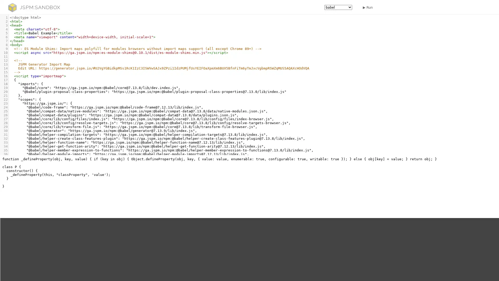  Describe the element at coordinates (366, 7) in the screenshot. I see `Run` at that location.